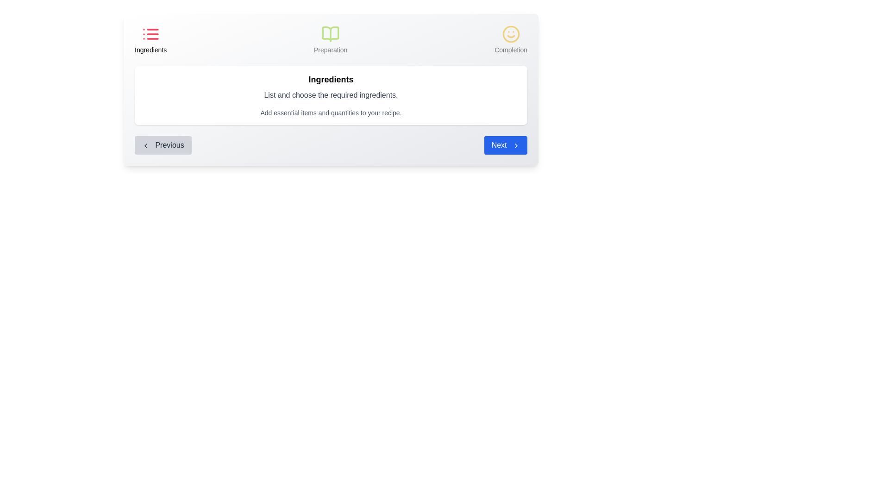 This screenshot has width=889, height=500. Describe the element at coordinates (331, 50) in the screenshot. I see `the text label that reads 'Preparation', which is styled in medium weight typography and located beneath a lime green book icon` at that location.